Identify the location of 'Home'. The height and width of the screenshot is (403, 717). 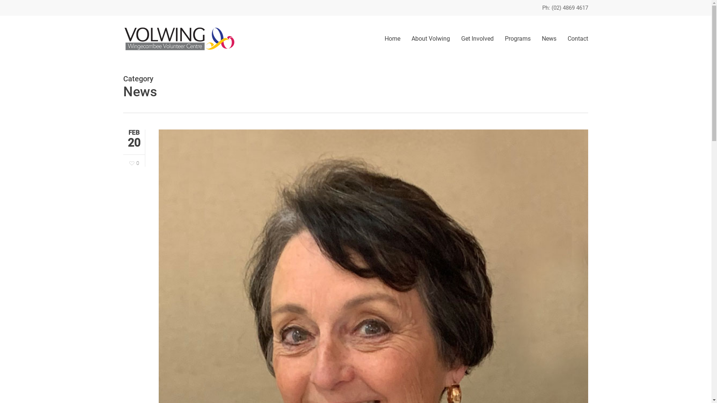
(392, 38).